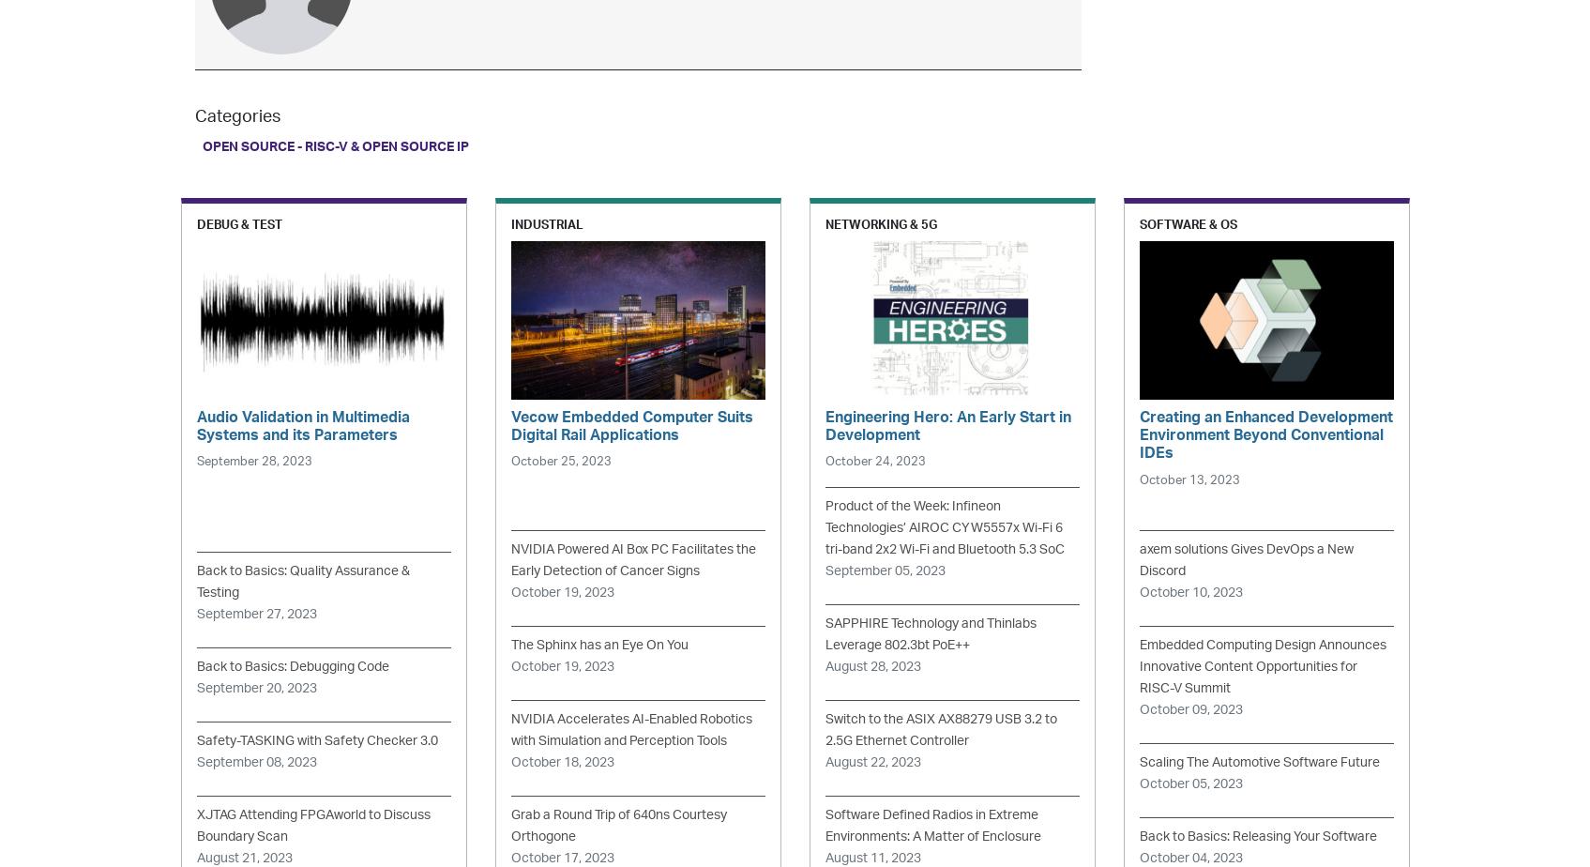  What do you see at coordinates (311, 826) in the screenshot?
I see `'XJTAG Attending FPGAworld to Discuss Boundary Scan'` at bounding box center [311, 826].